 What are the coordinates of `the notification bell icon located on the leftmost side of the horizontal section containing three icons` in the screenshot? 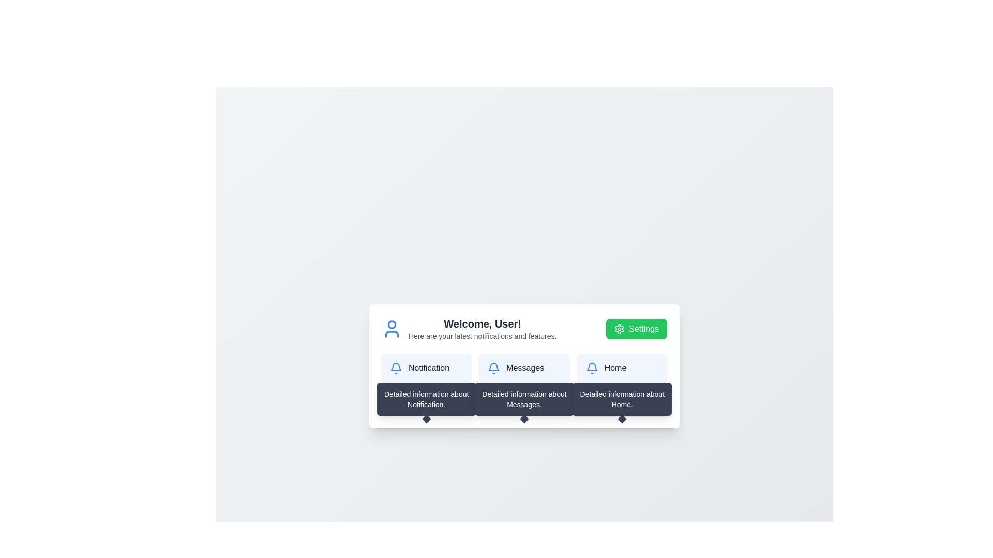 It's located at (396, 368).